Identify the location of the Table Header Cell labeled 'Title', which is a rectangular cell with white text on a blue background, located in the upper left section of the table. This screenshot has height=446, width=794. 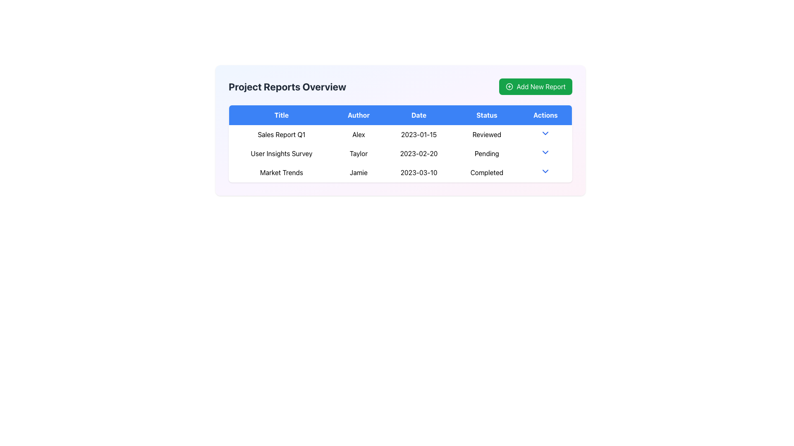
(281, 115).